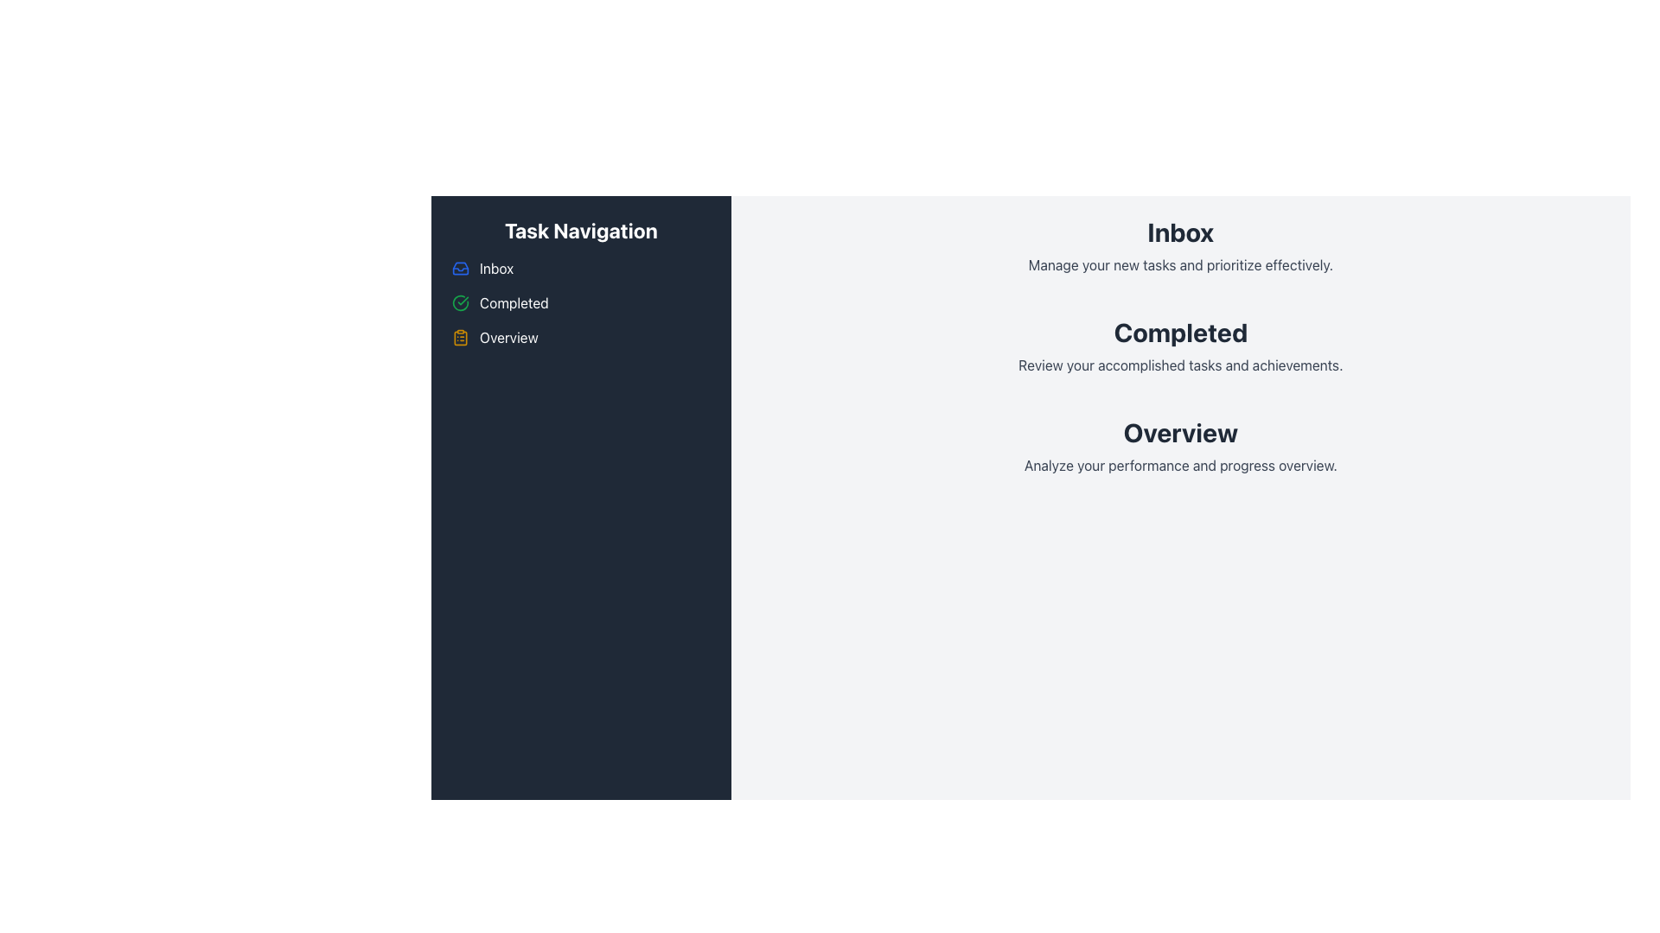 The width and height of the screenshot is (1660, 933). What do you see at coordinates (508, 337) in the screenshot?
I see `the third item in the vertical navigation menu, labeled 'Overview'` at bounding box center [508, 337].